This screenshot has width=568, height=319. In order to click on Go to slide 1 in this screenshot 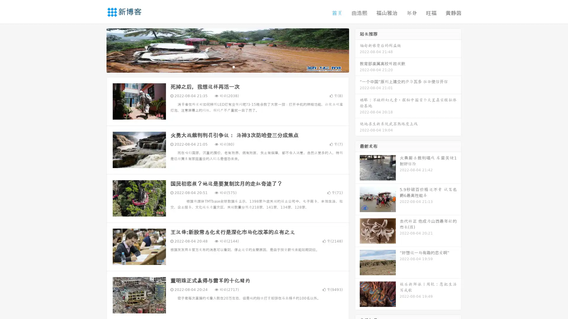, I will do `click(221, 66)`.